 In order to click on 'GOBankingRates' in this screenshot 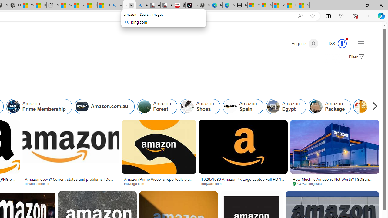, I will do `click(310, 183)`.